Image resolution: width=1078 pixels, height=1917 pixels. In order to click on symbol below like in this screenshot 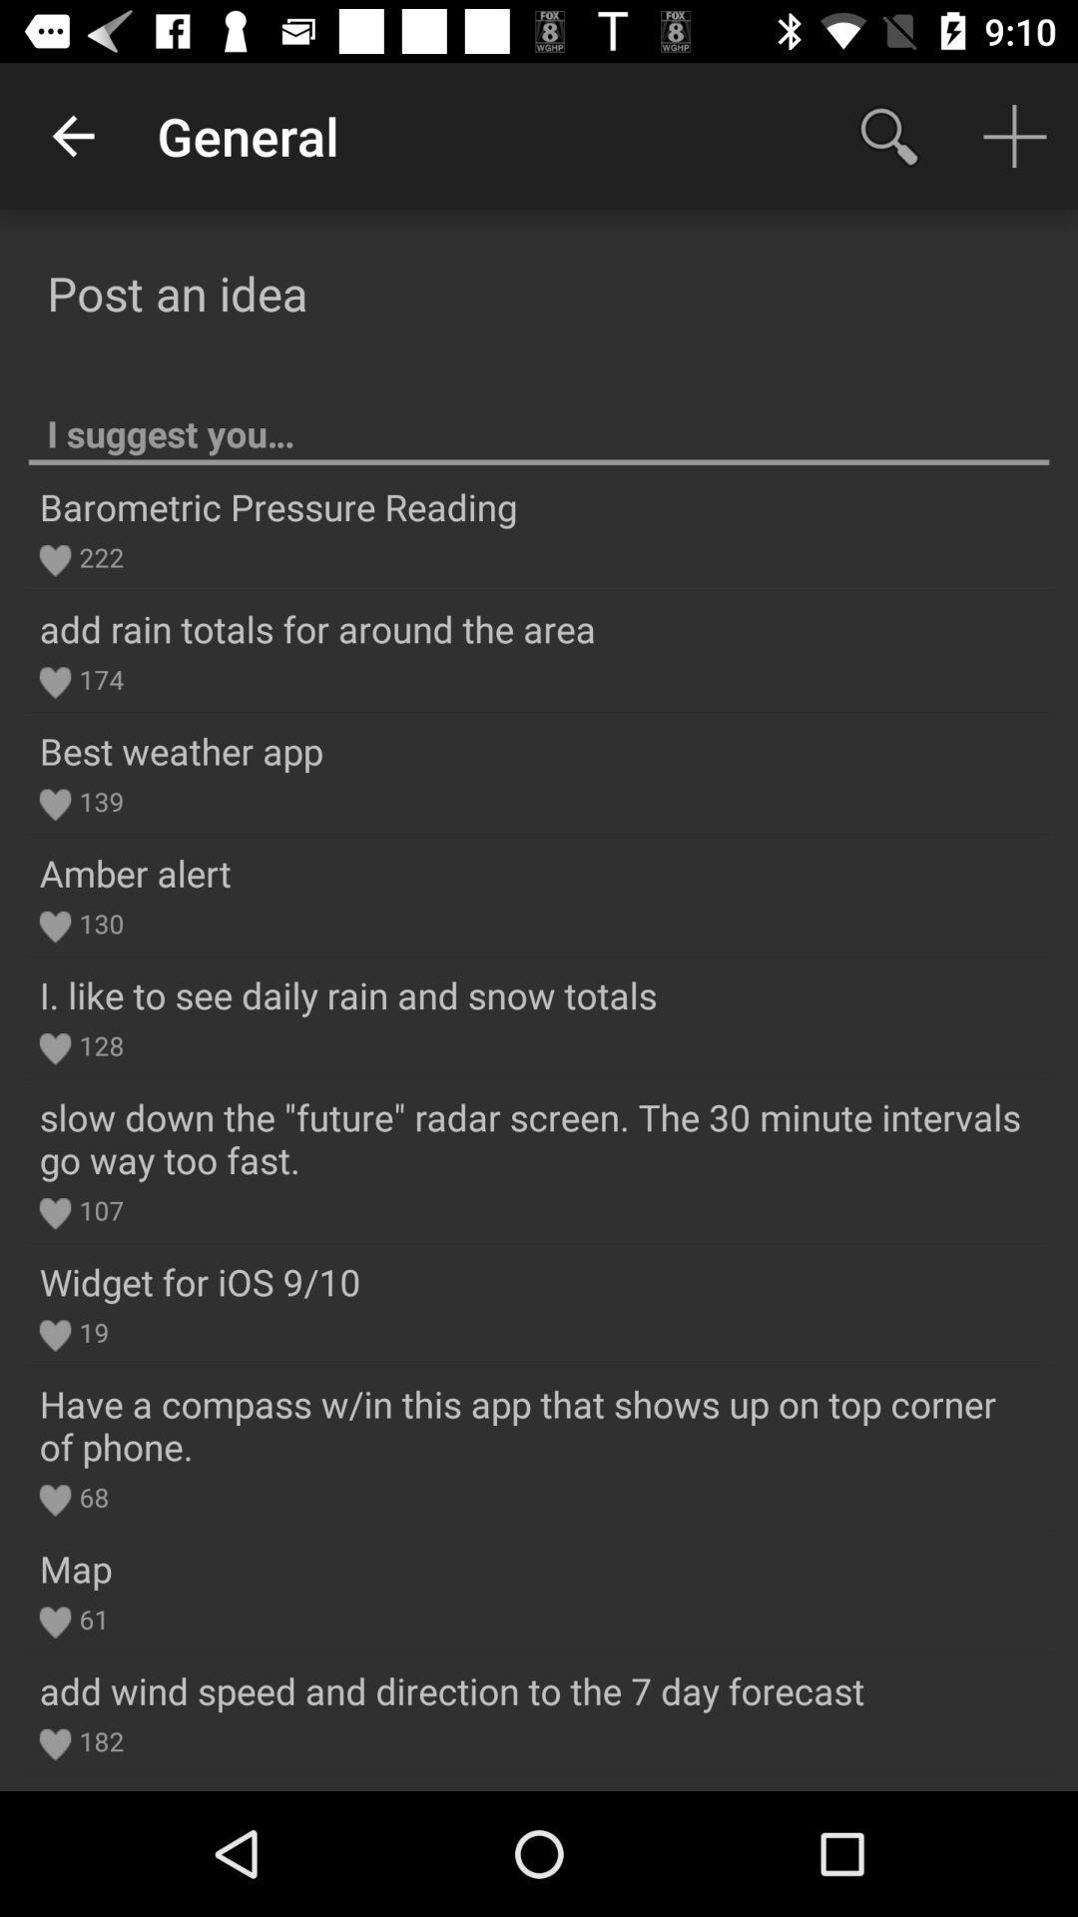, I will do `click(54, 1048)`.